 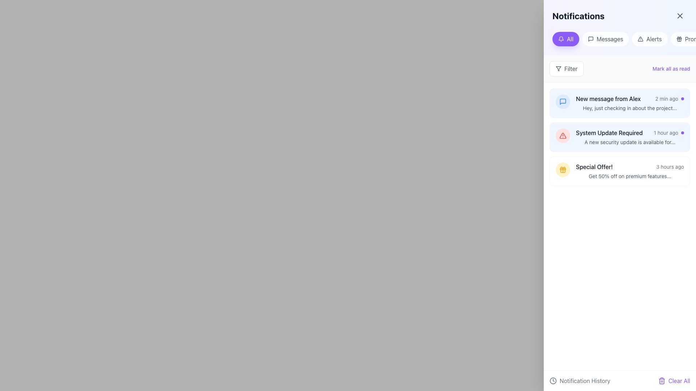 What do you see at coordinates (561, 39) in the screenshot?
I see `the bell icon located within the 'All' button in the top-left region of the interface, which symbolizes notifications and alerts` at bounding box center [561, 39].